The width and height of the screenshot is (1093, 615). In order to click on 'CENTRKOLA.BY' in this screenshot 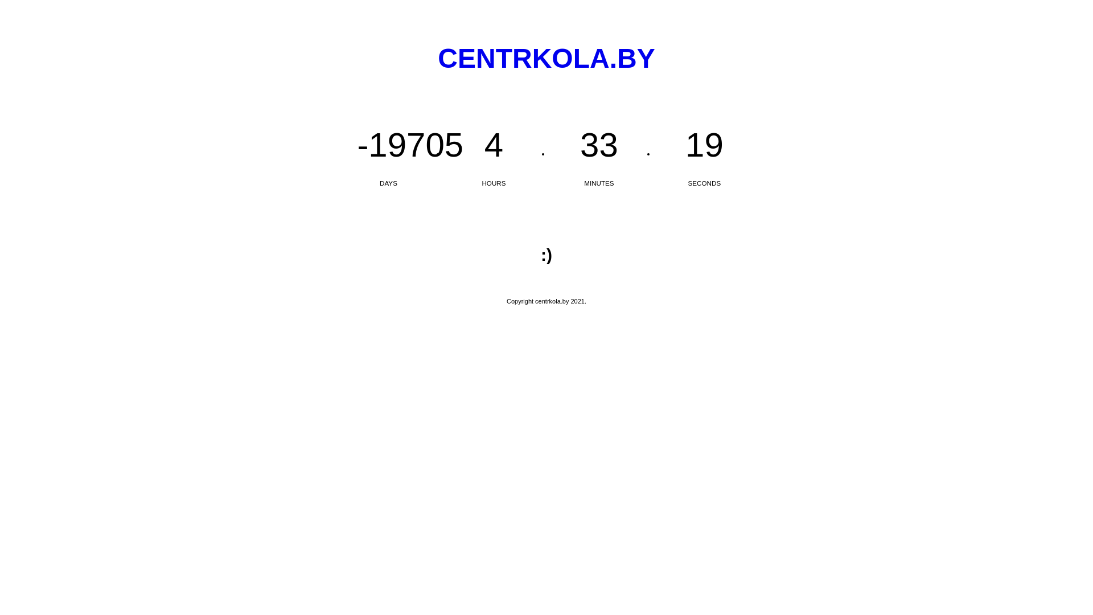, I will do `click(545, 58)`.